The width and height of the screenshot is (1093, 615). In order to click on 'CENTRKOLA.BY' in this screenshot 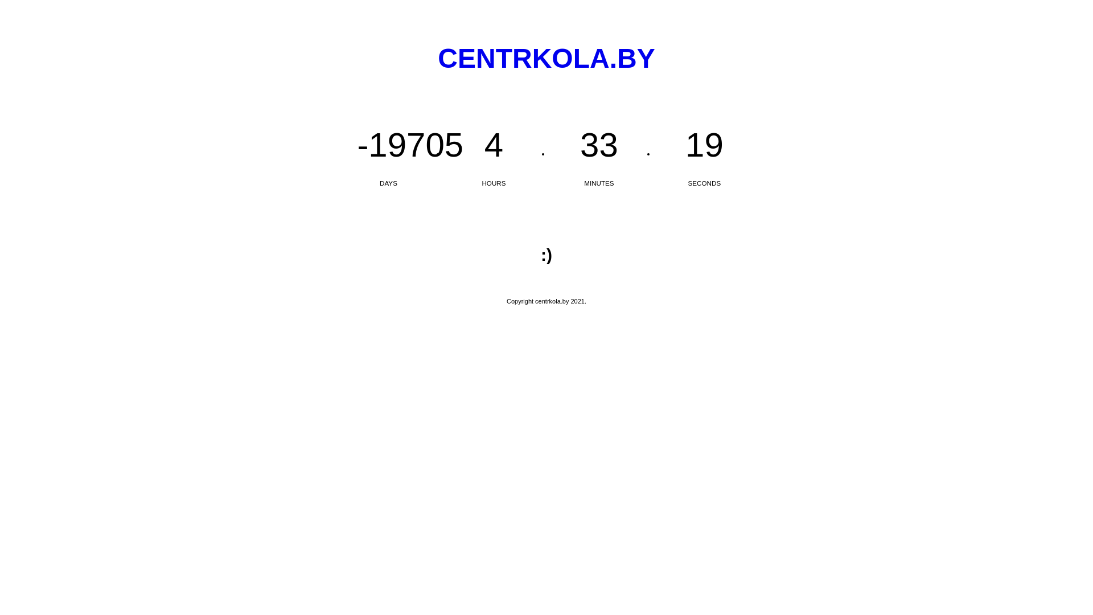, I will do `click(545, 58)`.